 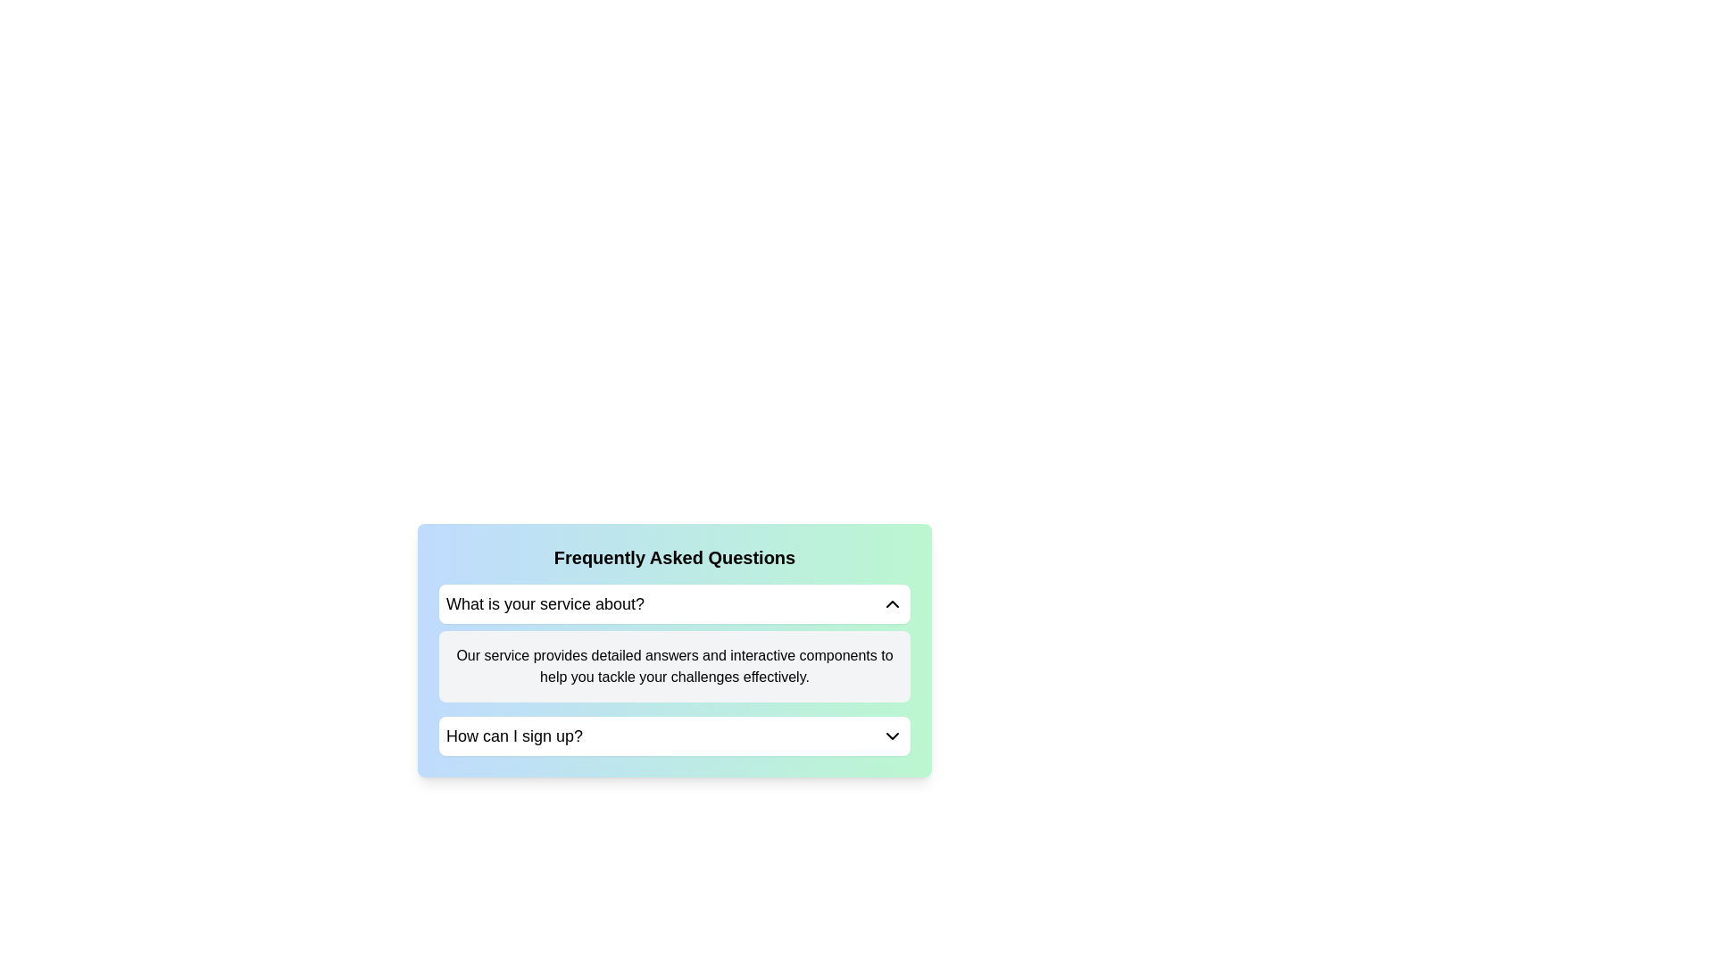 I want to click on the downward chevron icon located on the far right side of the panel displaying the question 'How can I sign up?', so click(x=892, y=736).